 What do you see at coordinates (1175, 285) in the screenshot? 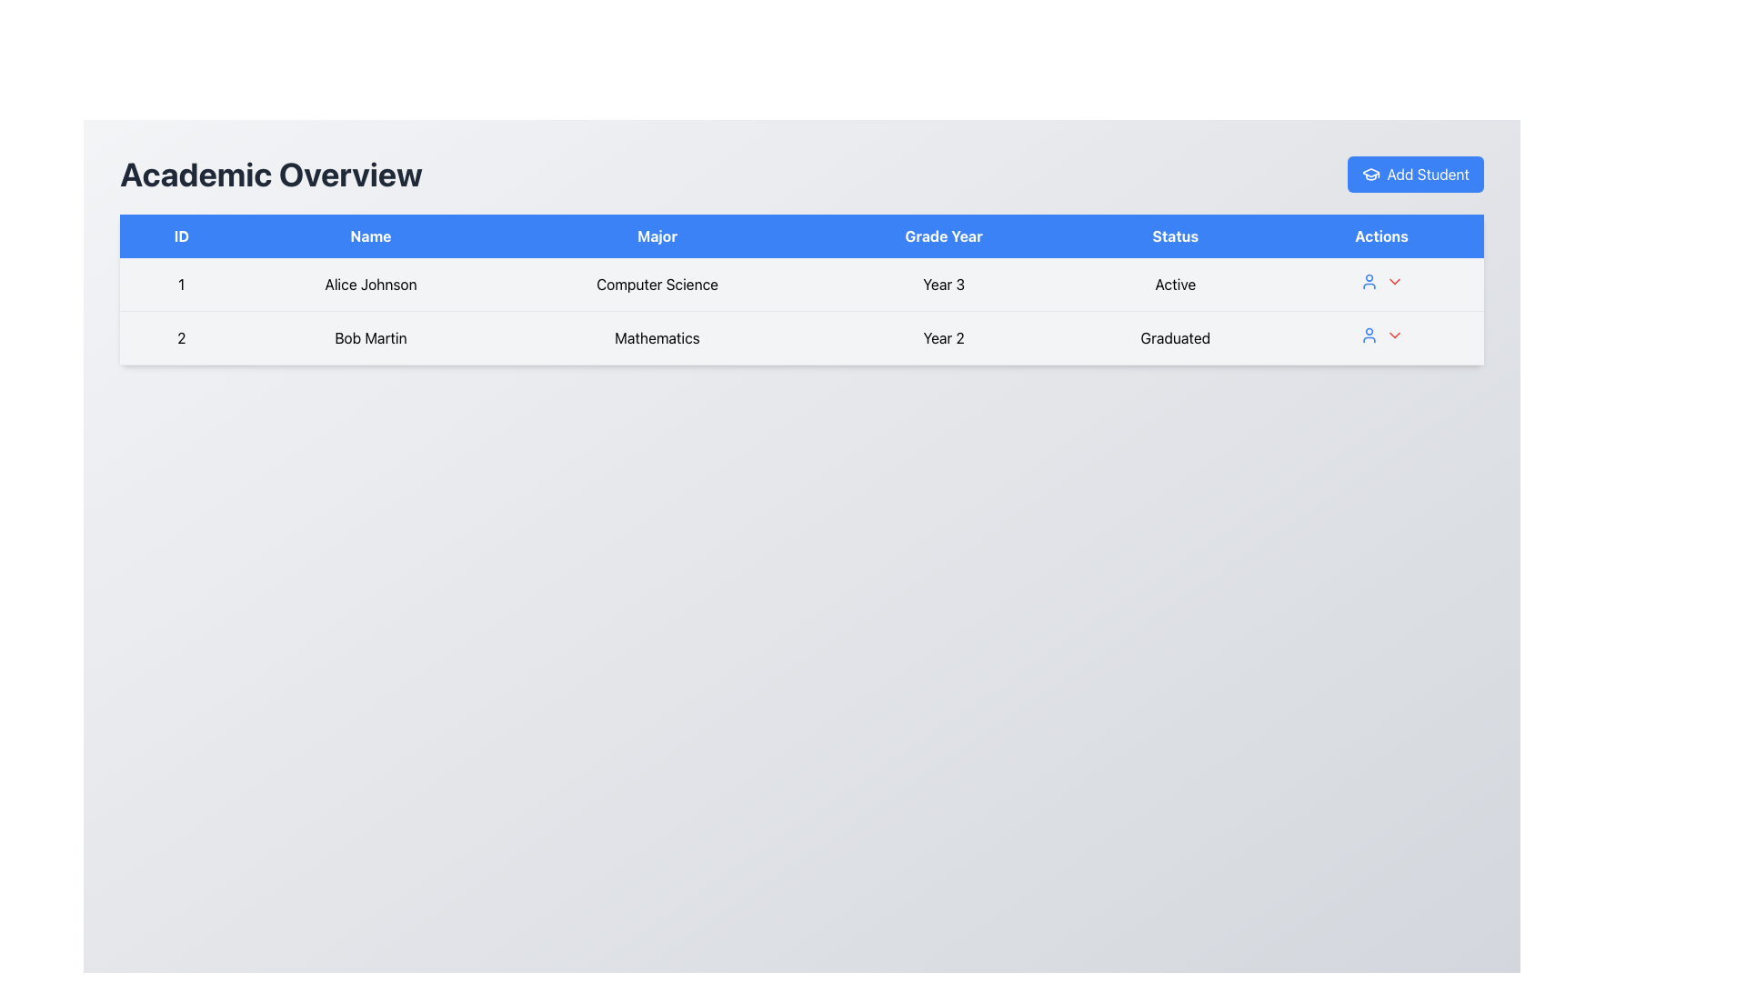
I see `the TextLabel displaying the status 'Active' for the entity 'Alice Johnson' in the user information table` at bounding box center [1175, 285].